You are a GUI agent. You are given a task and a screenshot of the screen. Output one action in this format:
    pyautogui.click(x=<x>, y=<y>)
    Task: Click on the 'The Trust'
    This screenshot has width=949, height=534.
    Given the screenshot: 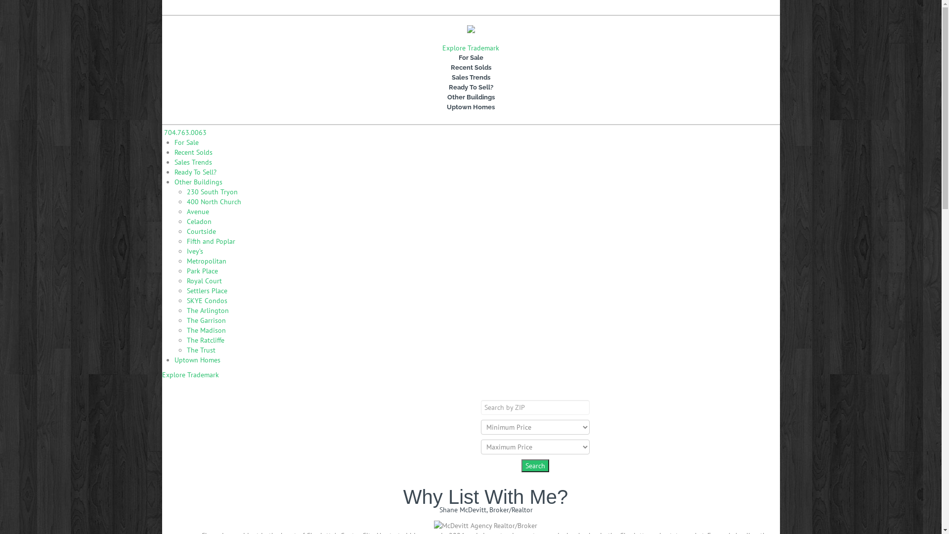 What is the action you would take?
    pyautogui.click(x=187, y=350)
    